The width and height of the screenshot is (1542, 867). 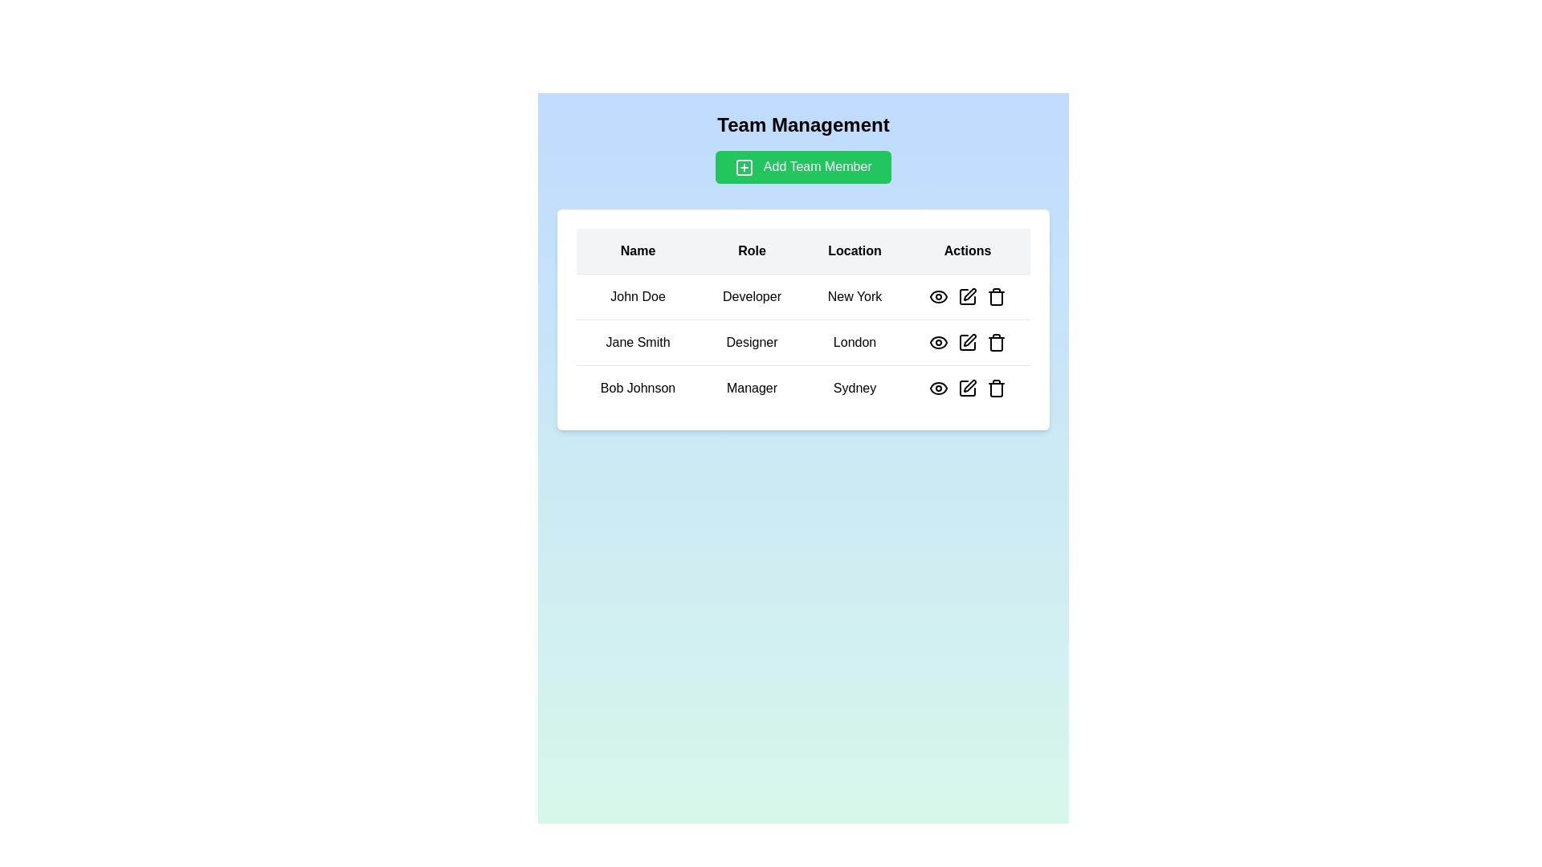 I want to click on the static text label displaying 'Developer' located in the second cell of the first row under the 'Role' column of the table, so click(x=751, y=296).